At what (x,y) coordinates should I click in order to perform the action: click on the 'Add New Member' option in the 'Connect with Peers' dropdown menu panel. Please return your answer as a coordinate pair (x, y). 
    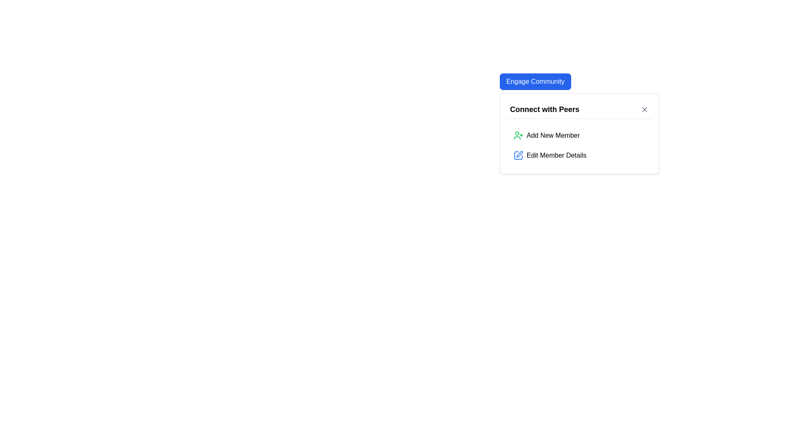
    Looking at the image, I should click on (579, 133).